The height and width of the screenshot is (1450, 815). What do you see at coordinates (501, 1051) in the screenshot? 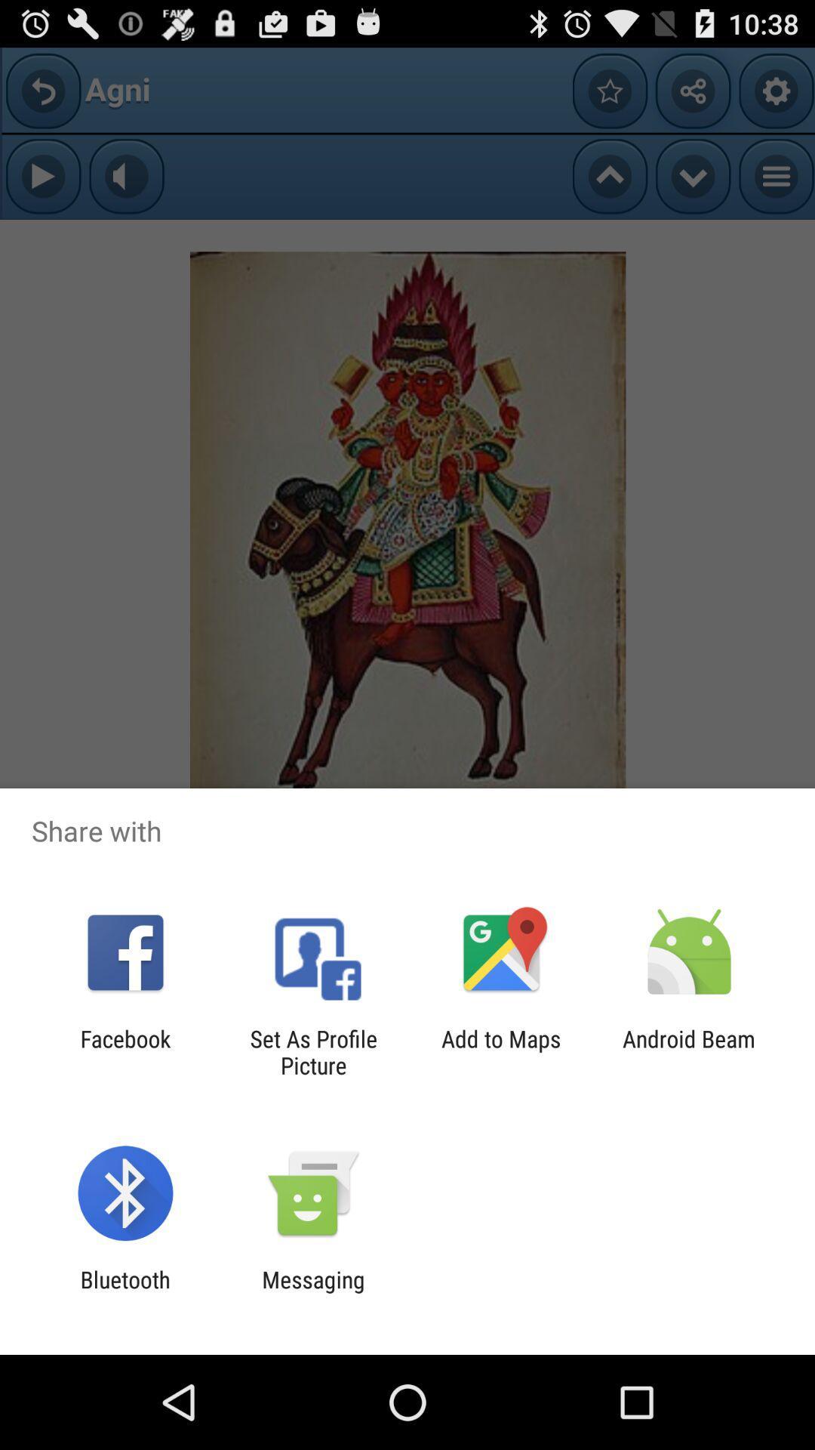
I see `the app to the right of the set as profile item` at bounding box center [501, 1051].